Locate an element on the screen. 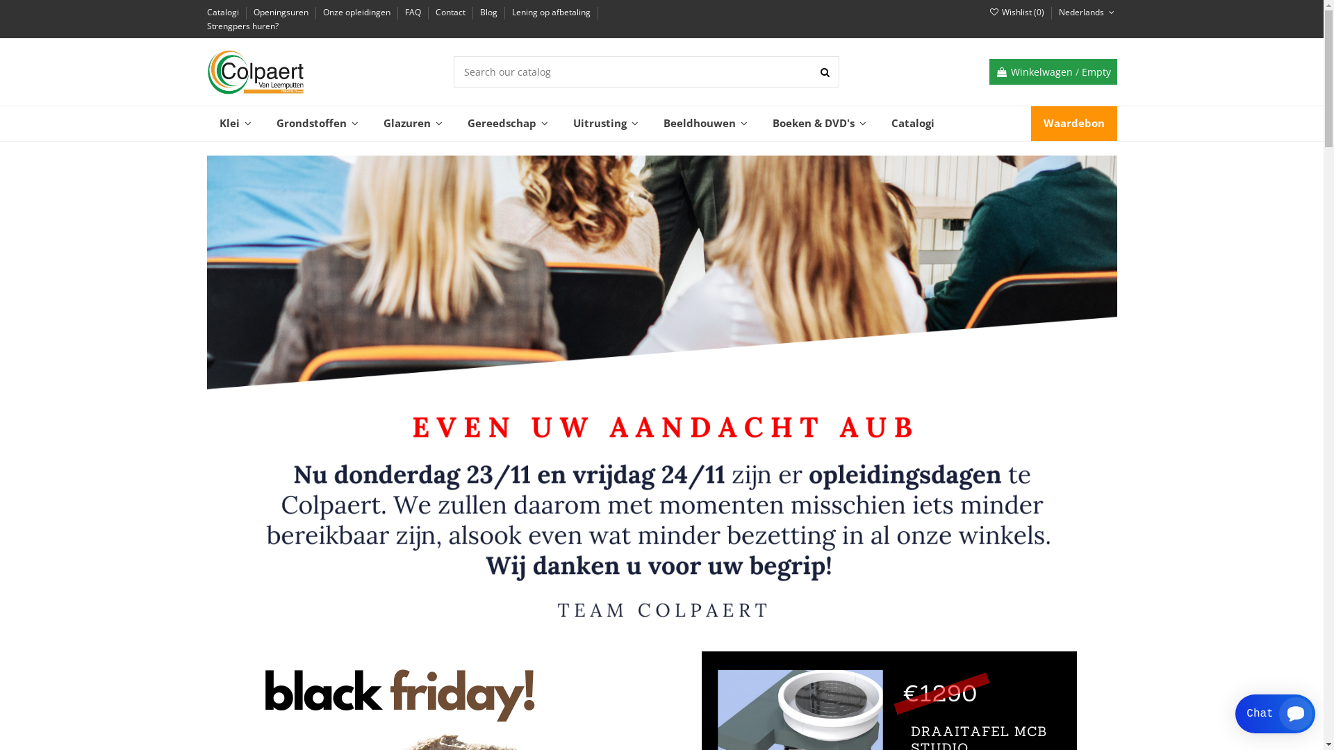 The height and width of the screenshot is (750, 1334). 'Lening op afbetaling' is located at coordinates (550, 12).